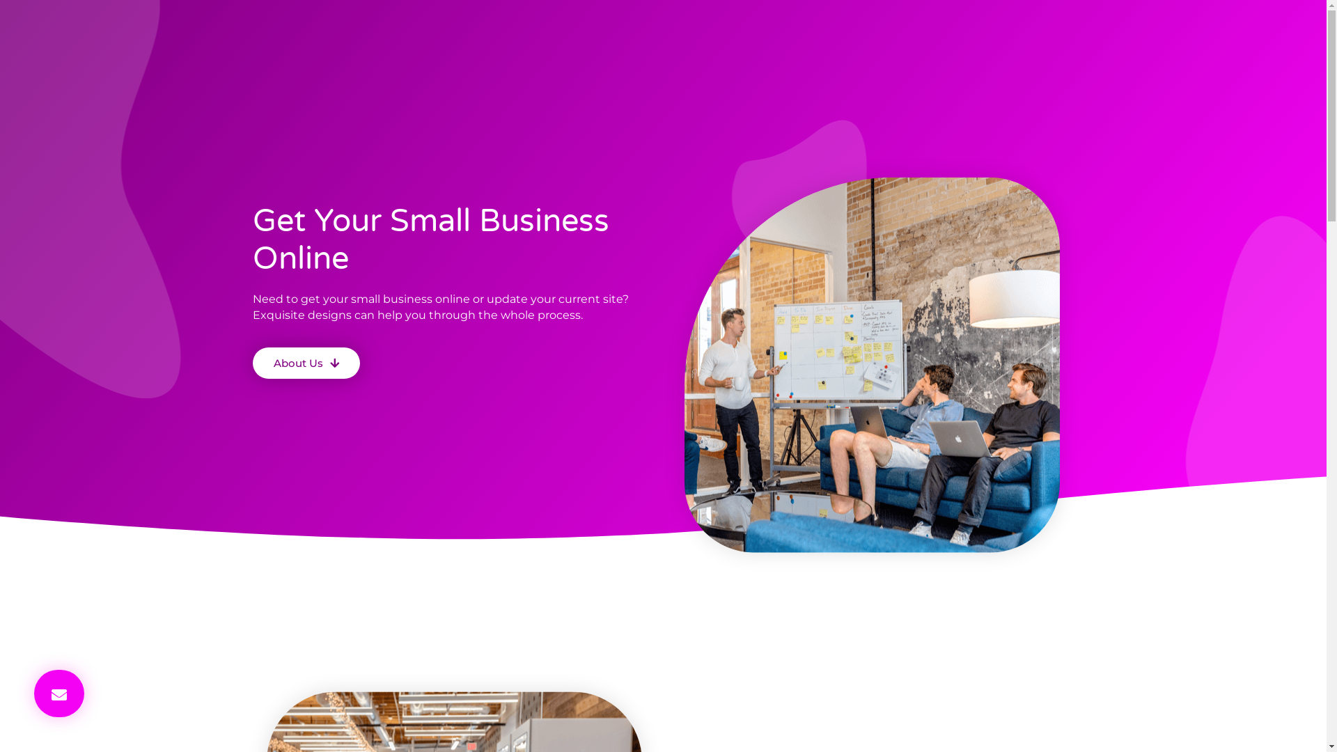  Describe the element at coordinates (304, 362) in the screenshot. I see `'About Us'` at that location.